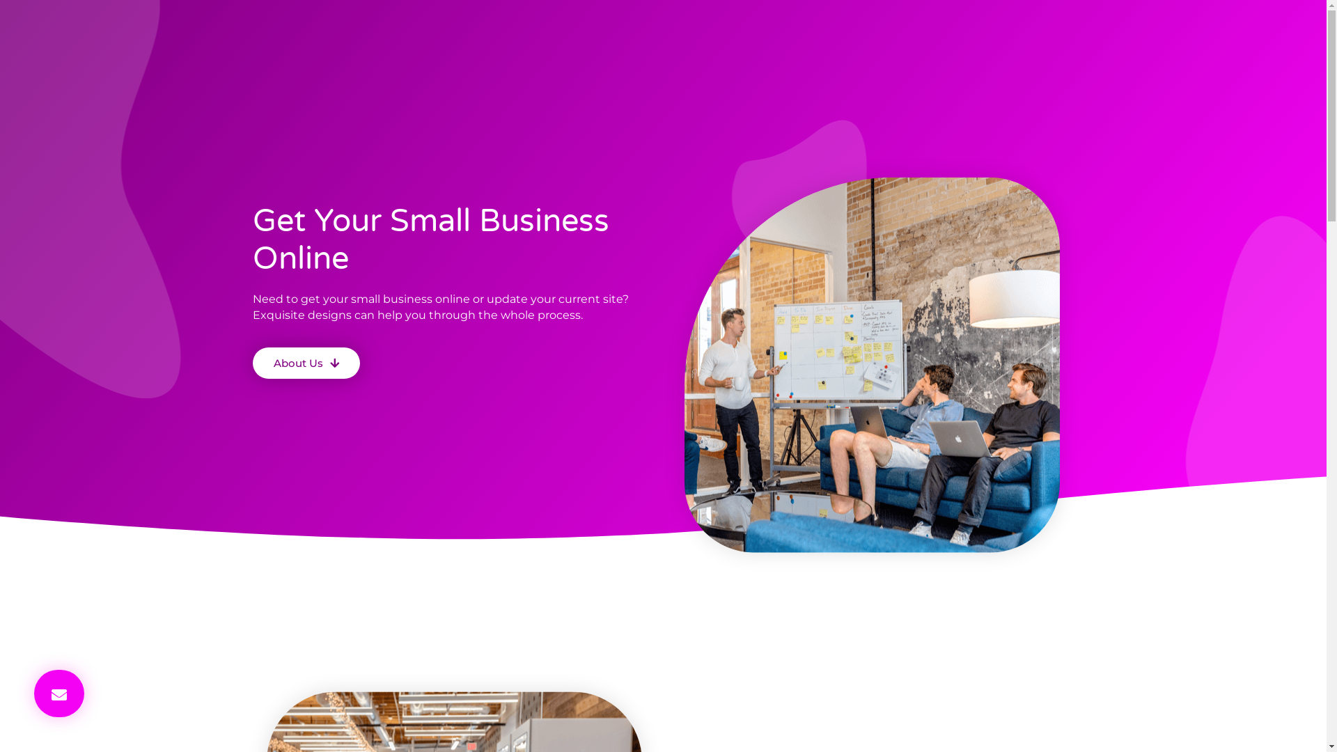  Describe the element at coordinates (304, 362) in the screenshot. I see `'About Us'` at that location.